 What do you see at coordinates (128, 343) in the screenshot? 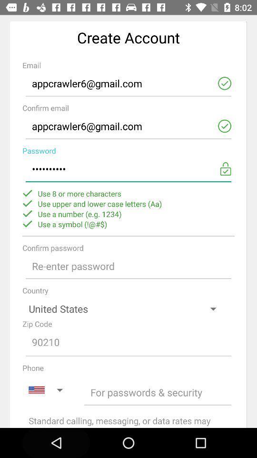
I see `zip code` at bounding box center [128, 343].